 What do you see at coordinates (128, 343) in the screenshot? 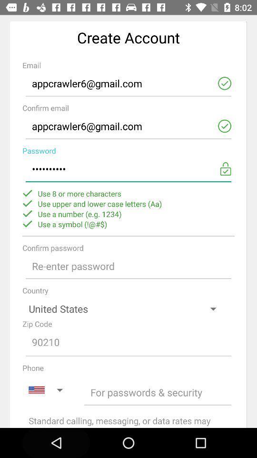
I see `zip code` at bounding box center [128, 343].